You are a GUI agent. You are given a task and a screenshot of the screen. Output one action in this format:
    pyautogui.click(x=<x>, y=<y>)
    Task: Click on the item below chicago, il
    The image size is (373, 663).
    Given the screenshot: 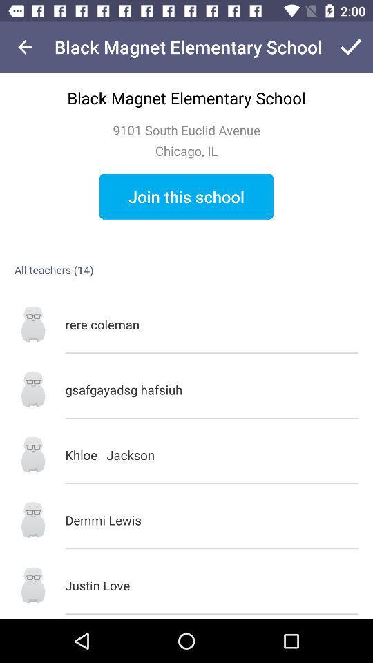 What is the action you would take?
    pyautogui.click(x=186, y=195)
    